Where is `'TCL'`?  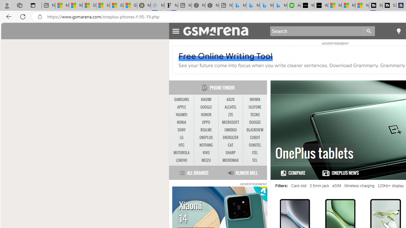 'TCL' is located at coordinates (255, 160).